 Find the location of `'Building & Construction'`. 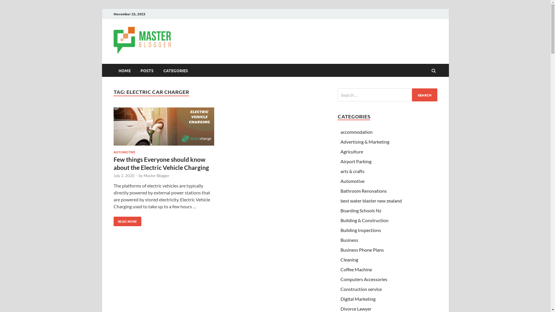

'Building & Construction' is located at coordinates (364, 220).